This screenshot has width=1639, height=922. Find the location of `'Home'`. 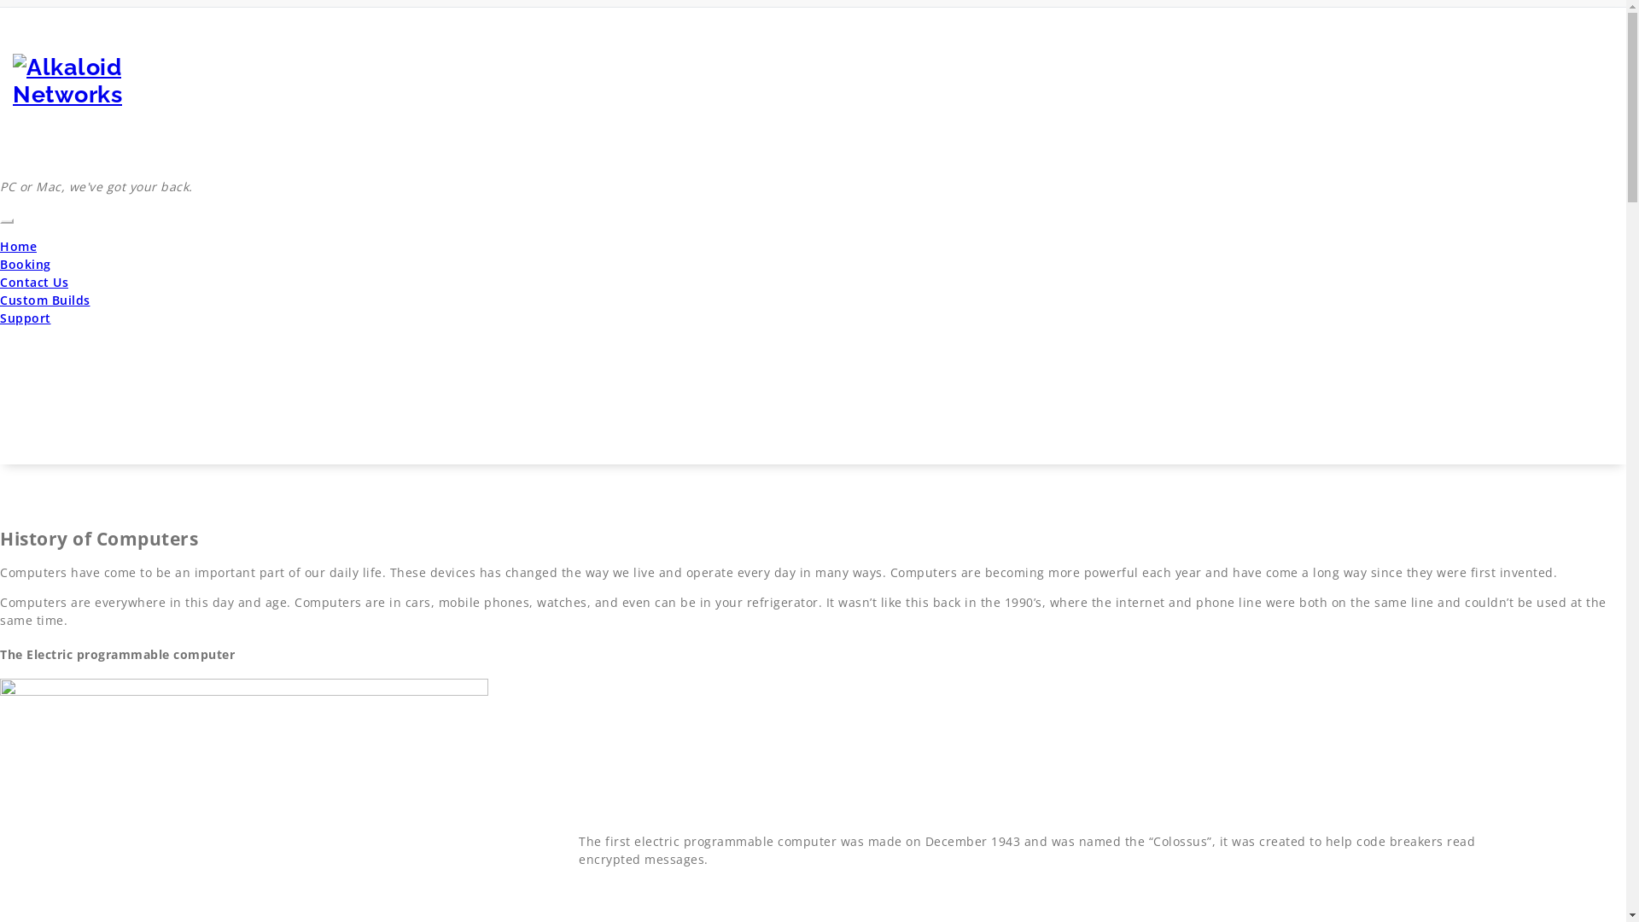

'Home' is located at coordinates (18, 246).